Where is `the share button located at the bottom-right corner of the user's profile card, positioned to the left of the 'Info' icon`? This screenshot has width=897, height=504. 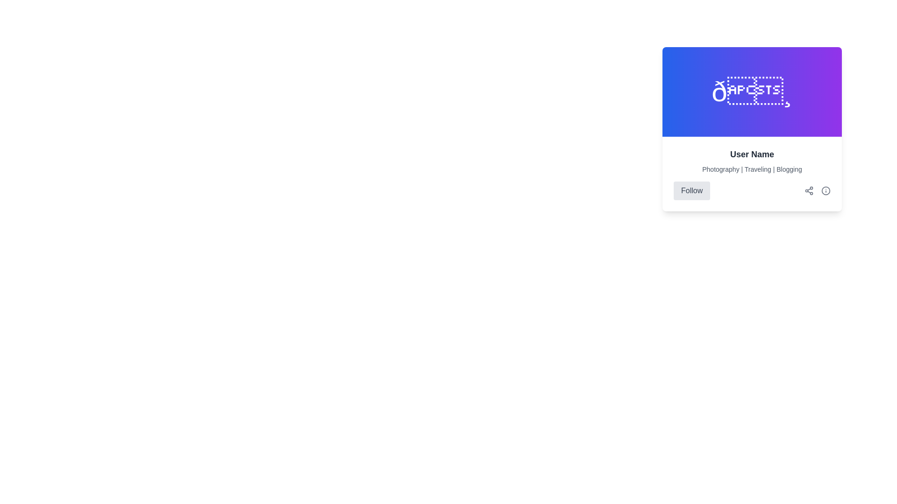 the share button located at the bottom-right corner of the user's profile card, positioned to the left of the 'Info' icon is located at coordinates (809, 190).